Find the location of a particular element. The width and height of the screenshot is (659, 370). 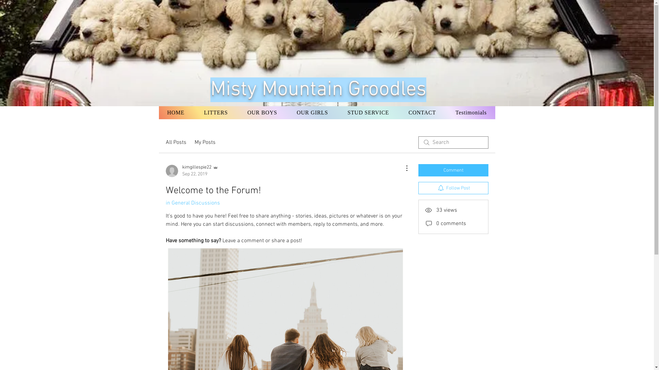

'My Posts' is located at coordinates (204, 142).